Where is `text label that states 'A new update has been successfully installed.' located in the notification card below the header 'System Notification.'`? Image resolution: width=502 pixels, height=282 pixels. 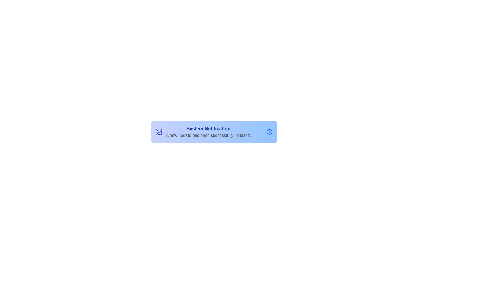
text label that states 'A new update has been successfully installed.' located in the notification card below the header 'System Notification.' is located at coordinates (208, 135).